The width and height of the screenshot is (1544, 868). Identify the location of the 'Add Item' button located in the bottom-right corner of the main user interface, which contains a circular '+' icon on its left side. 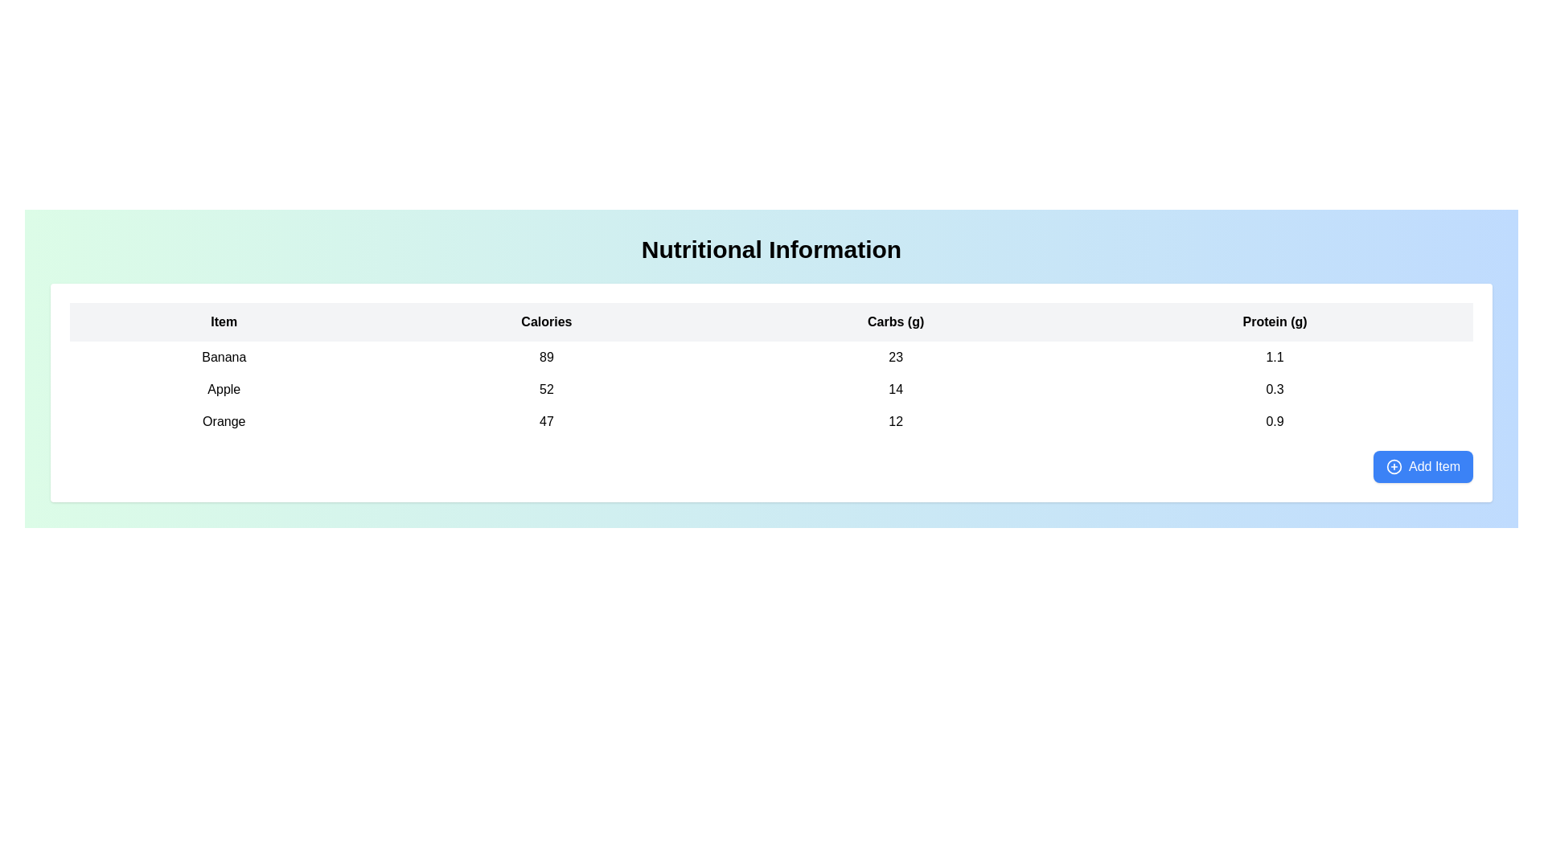
(1393, 467).